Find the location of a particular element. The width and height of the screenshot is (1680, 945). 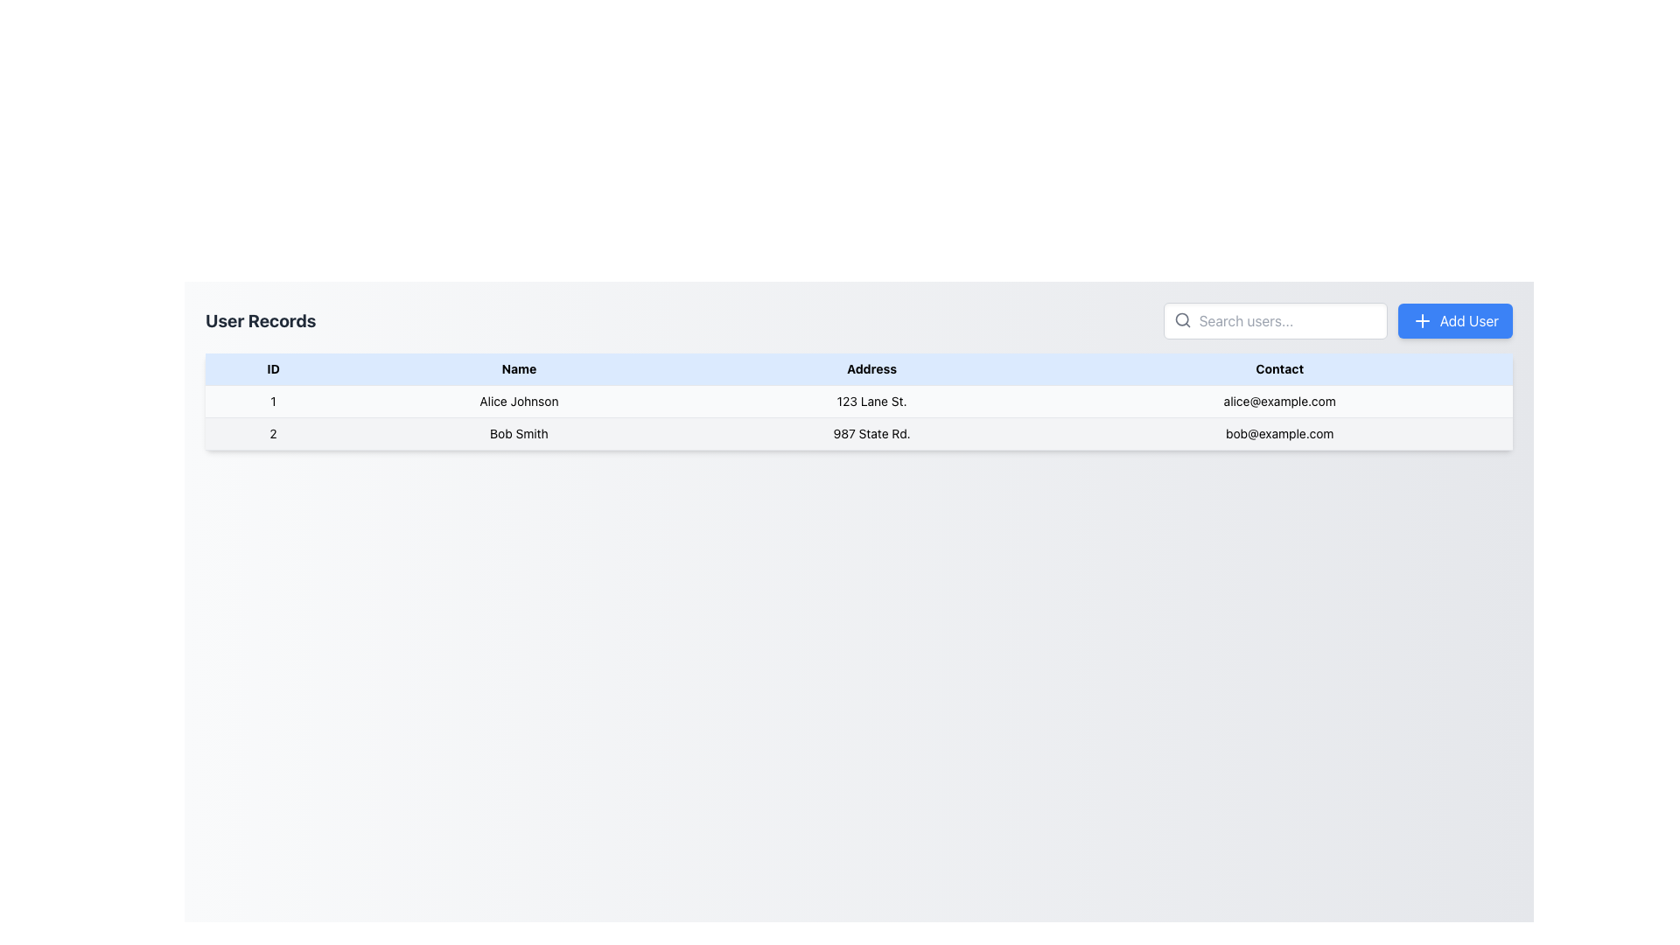

the Table Header Cell labeled 'ID', which is the first column header in a four-column table located at the top-left of the table is located at coordinates (272, 368).